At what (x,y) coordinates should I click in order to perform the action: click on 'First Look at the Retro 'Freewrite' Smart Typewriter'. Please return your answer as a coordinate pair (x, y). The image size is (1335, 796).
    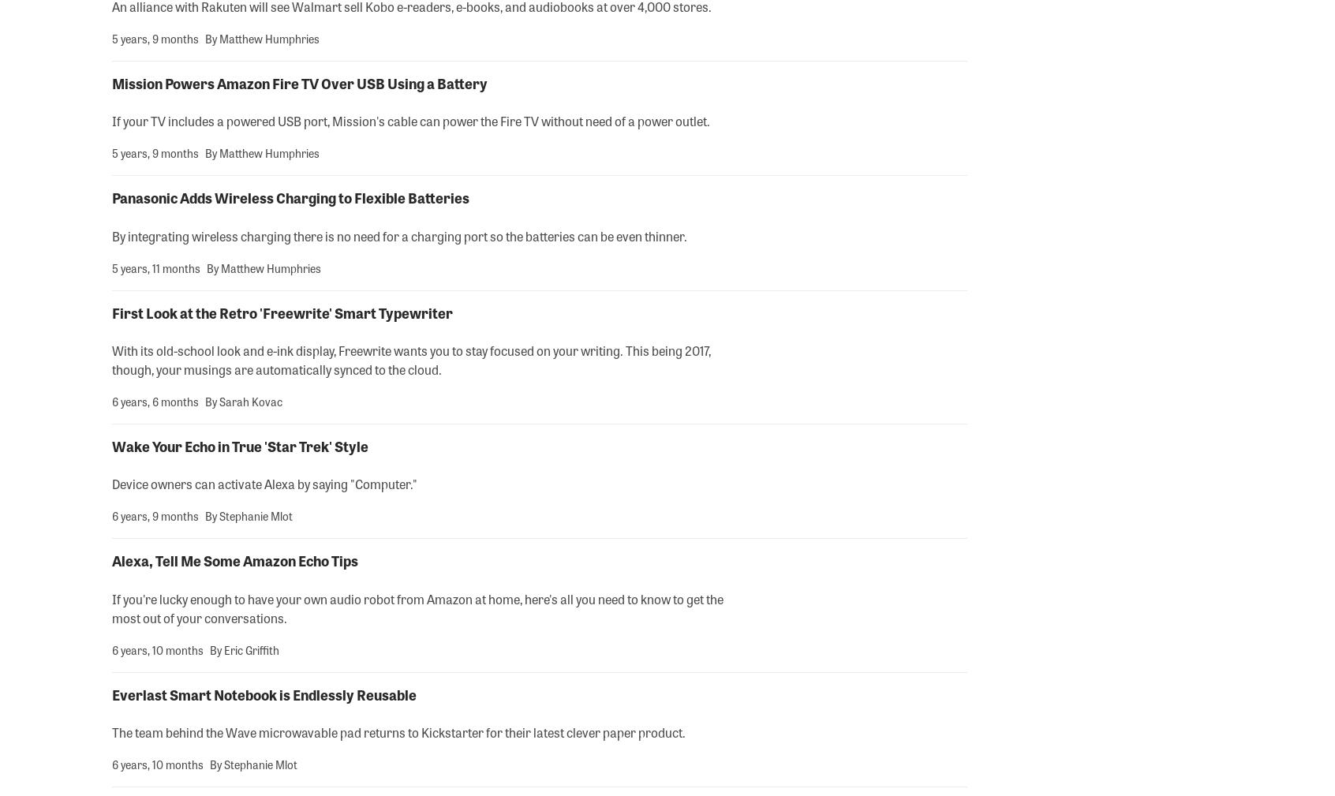
    Looking at the image, I should click on (282, 311).